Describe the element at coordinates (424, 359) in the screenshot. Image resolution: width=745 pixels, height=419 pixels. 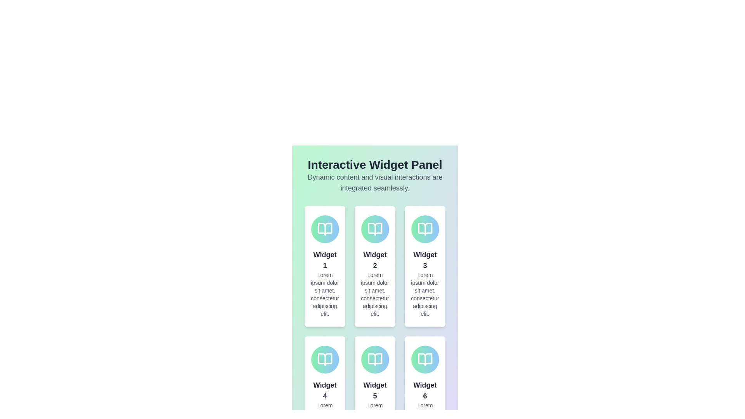
I see `the first icon within the sixth card in the grid layout, located at the bottom-right corner of the widget panel` at that location.